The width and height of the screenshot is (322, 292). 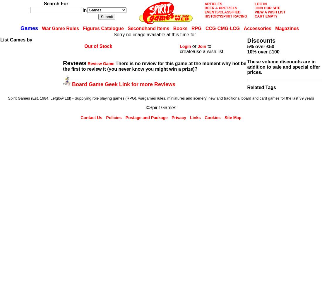 What do you see at coordinates (42, 28) in the screenshot?
I see `'War Game Rules'` at bounding box center [42, 28].